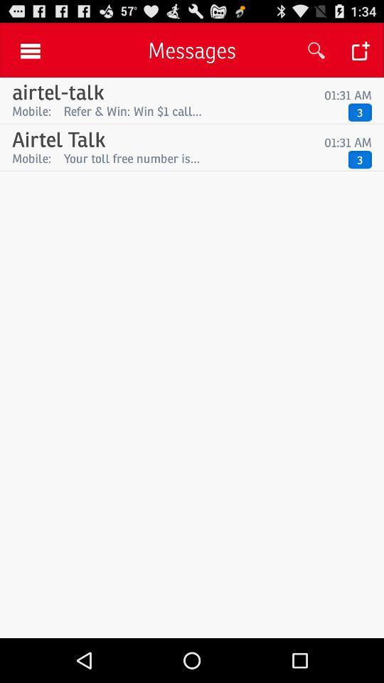 The width and height of the screenshot is (384, 683). What do you see at coordinates (202, 158) in the screenshot?
I see `item to the right of the mobile: item` at bounding box center [202, 158].